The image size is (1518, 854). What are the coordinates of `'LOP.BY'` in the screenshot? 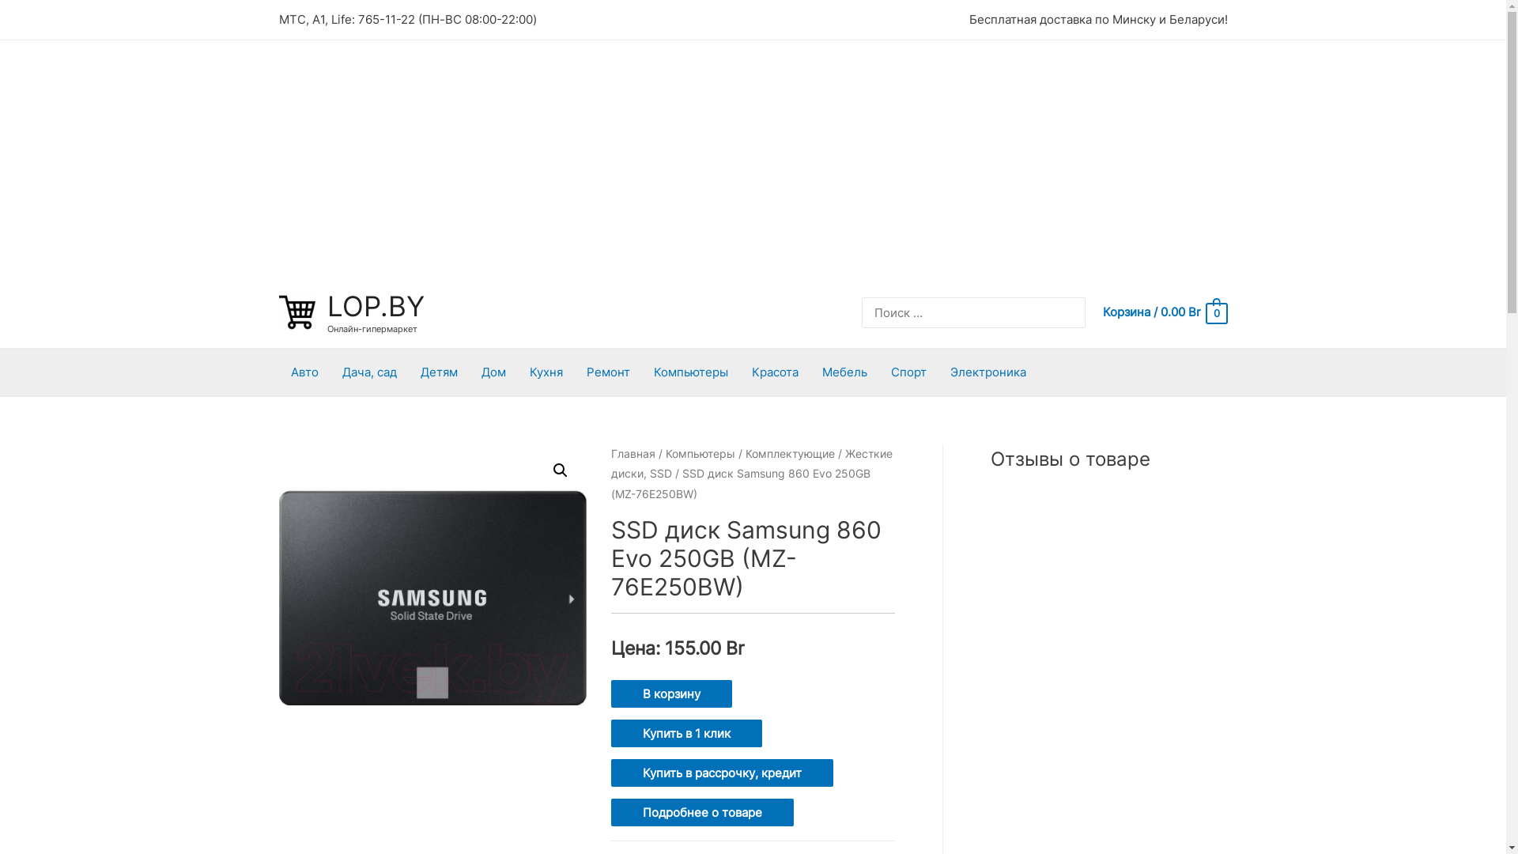 It's located at (326, 305).